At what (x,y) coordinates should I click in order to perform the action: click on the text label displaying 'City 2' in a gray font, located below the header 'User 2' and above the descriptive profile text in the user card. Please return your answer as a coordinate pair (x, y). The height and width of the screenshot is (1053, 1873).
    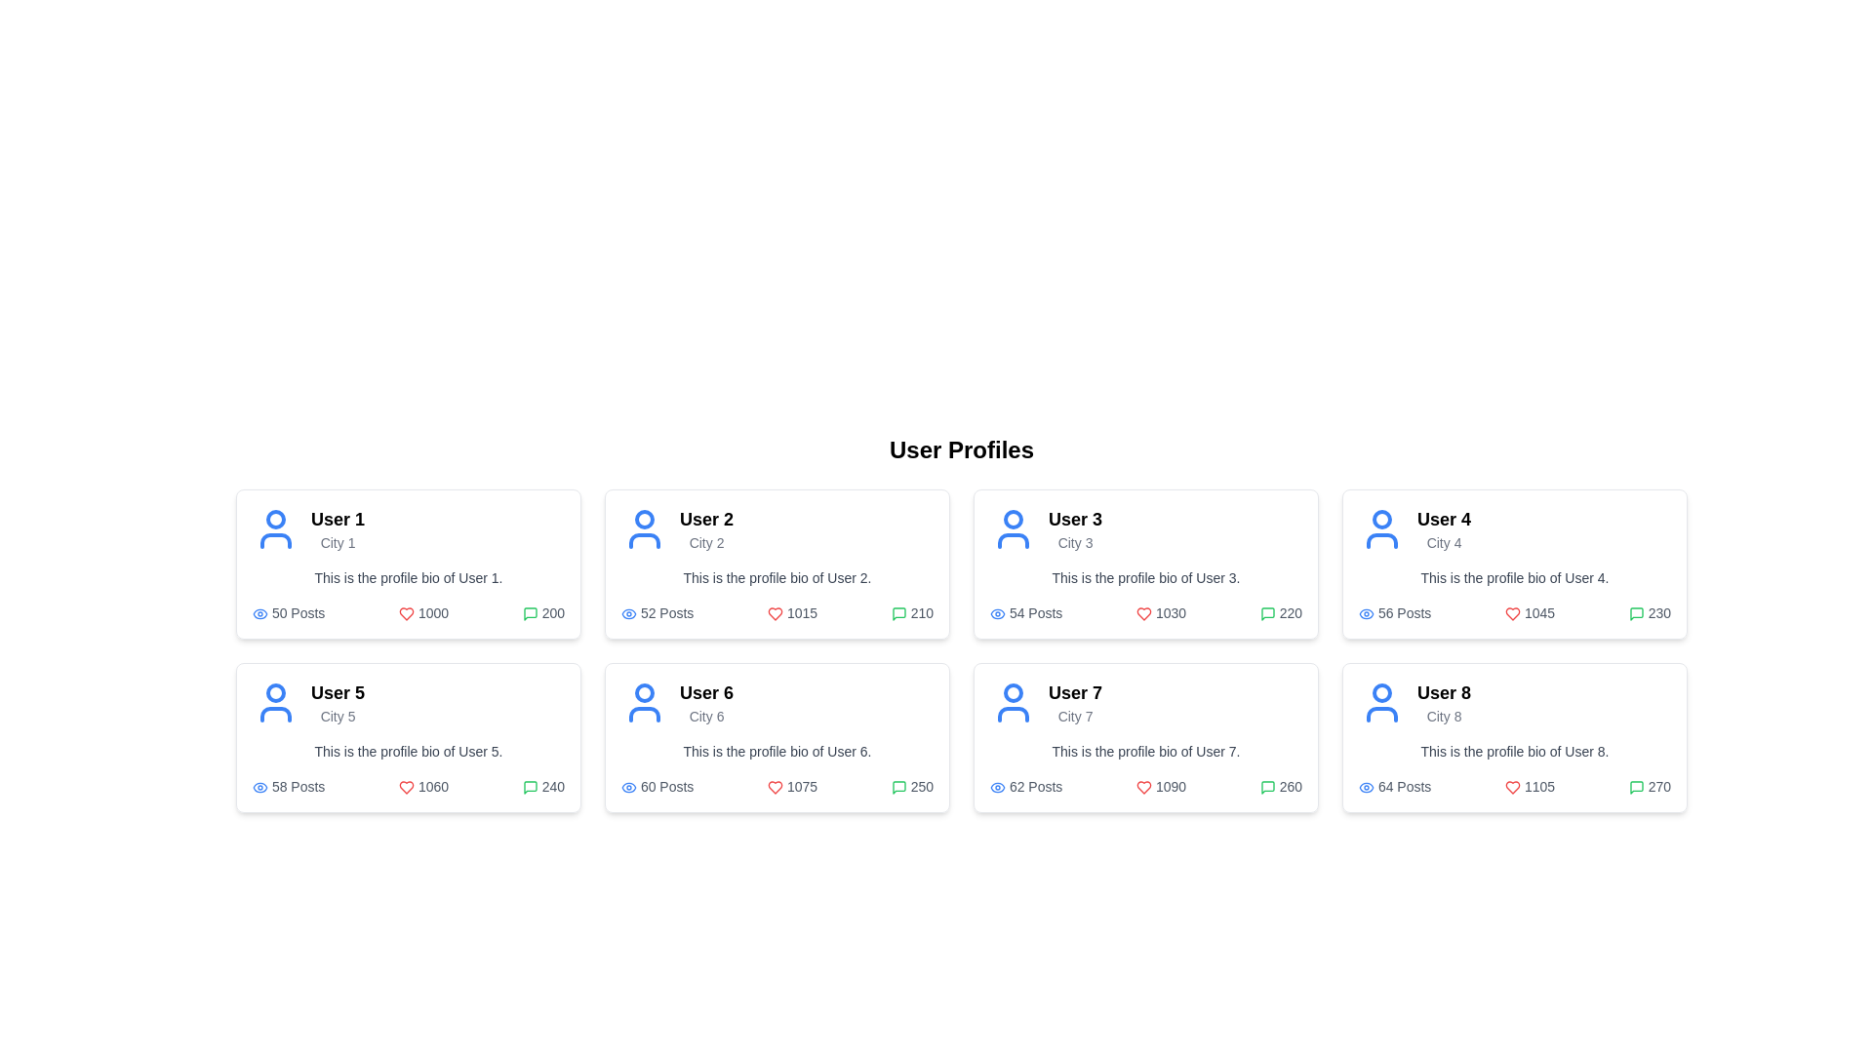
    Looking at the image, I should click on (705, 542).